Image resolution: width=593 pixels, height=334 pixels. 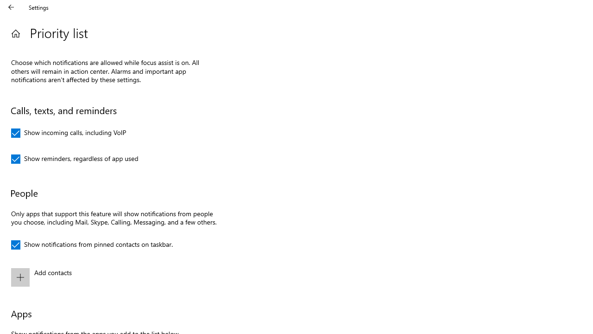 What do you see at coordinates (92, 244) in the screenshot?
I see `'Show notifications from pinned contacts on taskbar.'` at bounding box center [92, 244].